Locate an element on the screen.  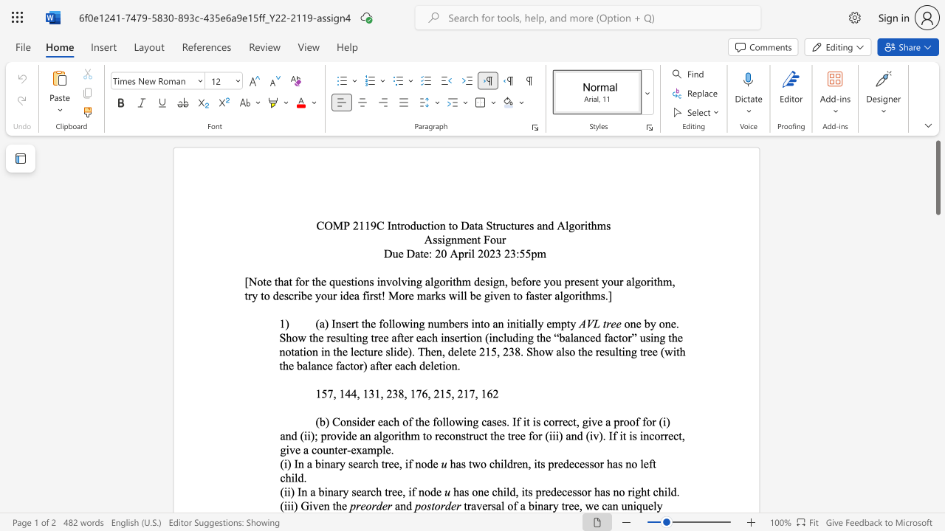
the 1th character "n" in the text is located at coordinates (326, 505).